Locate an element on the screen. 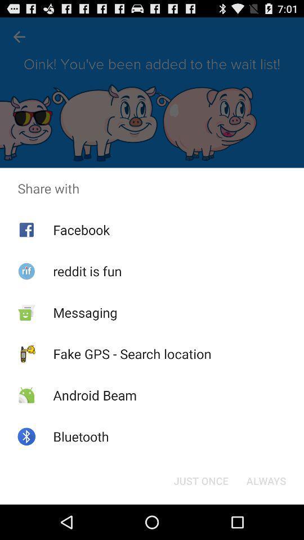 This screenshot has height=540, width=304. icon above reddit is fun item is located at coordinates (81, 229).